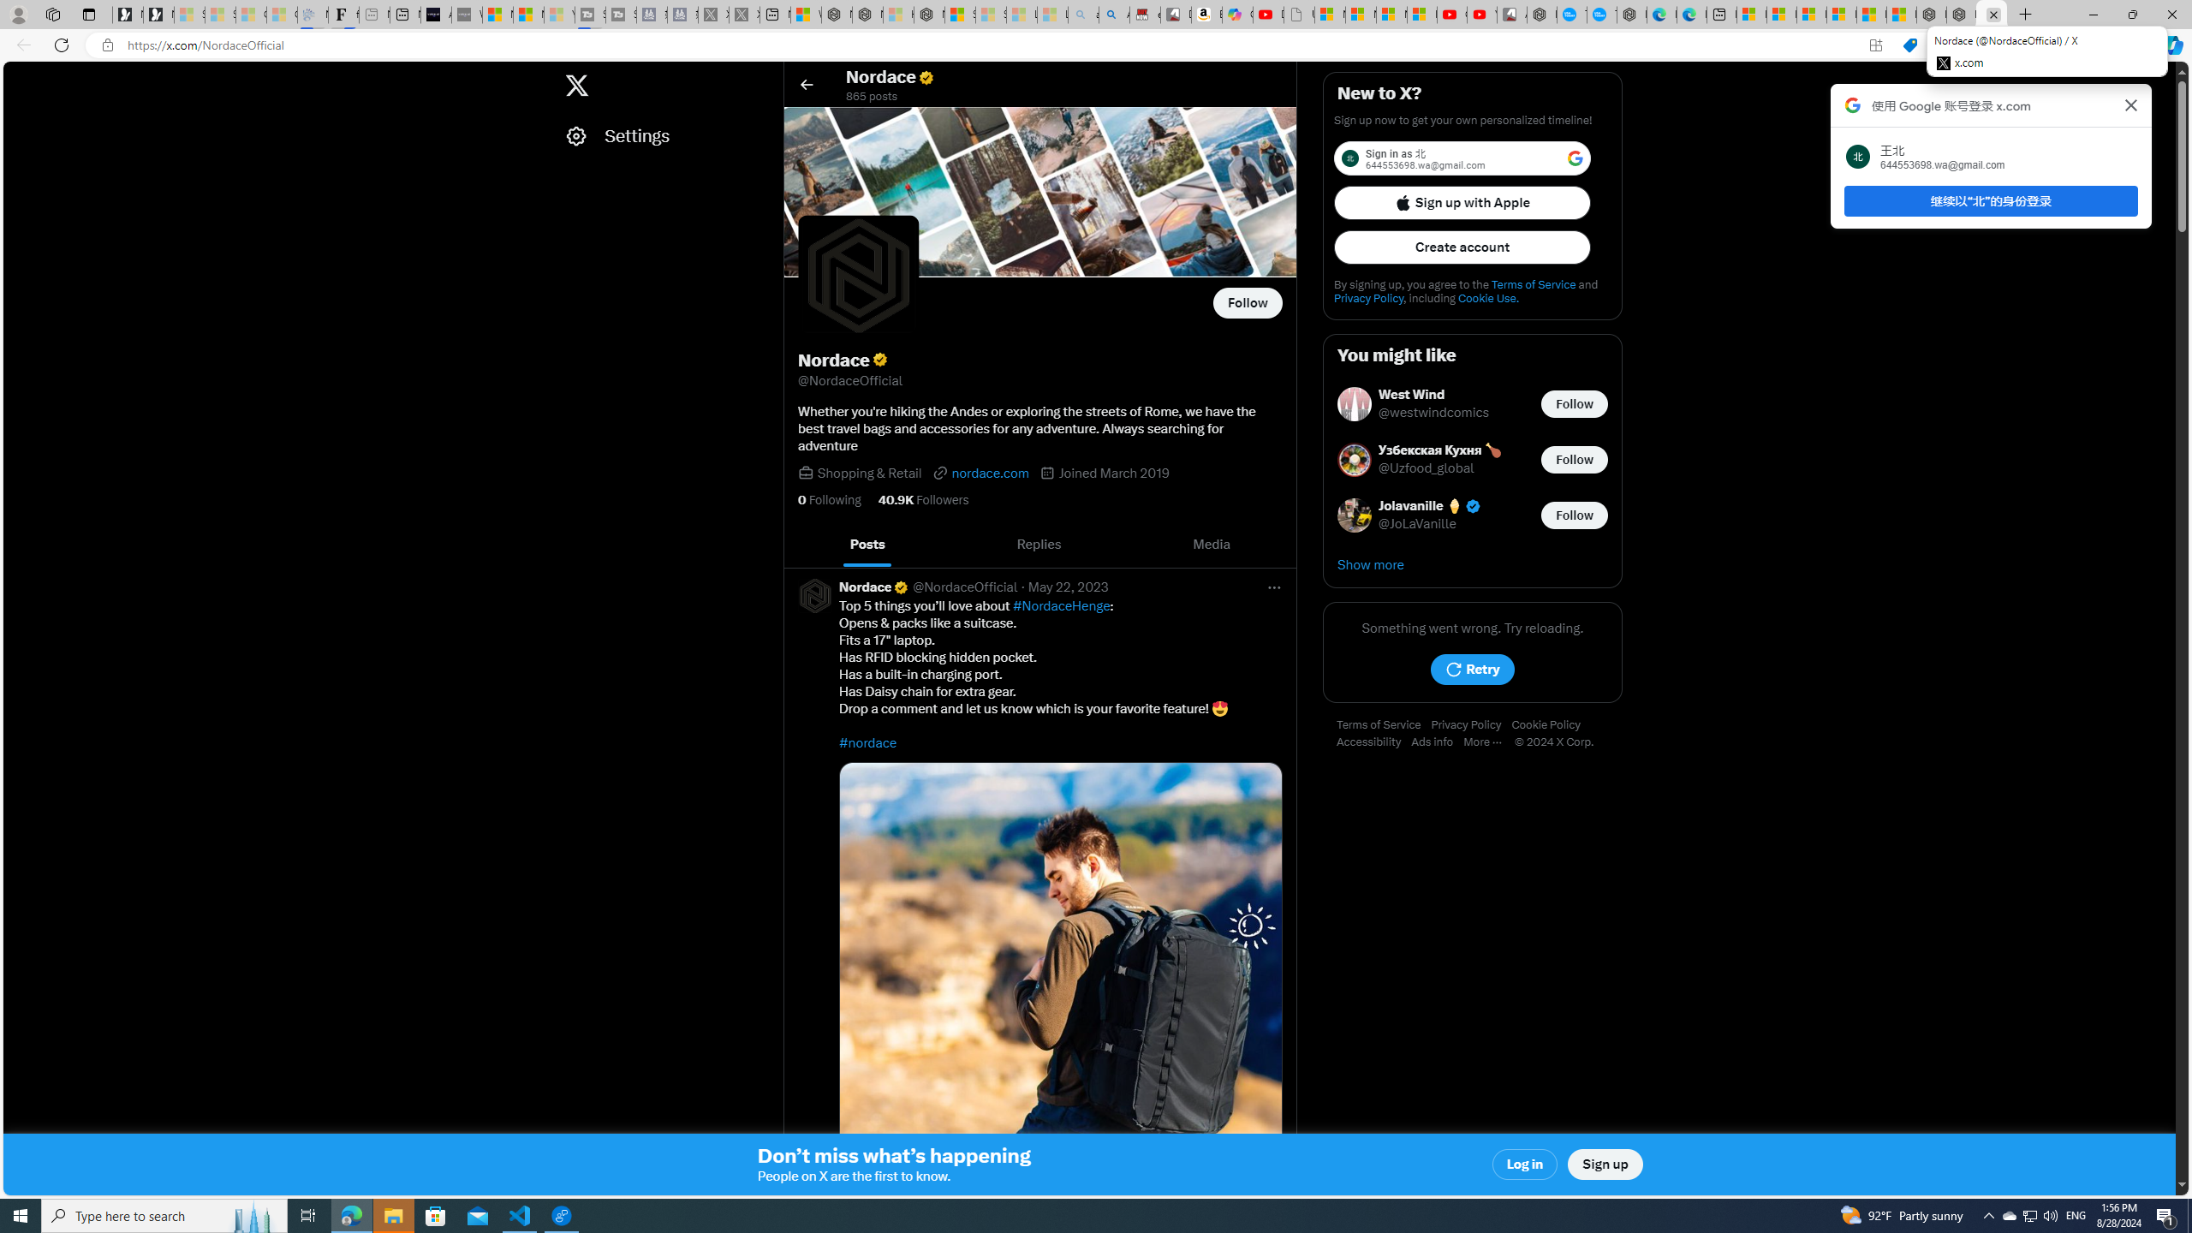 The image size is (2192, 1233). Describe the element at coordinates (1574, 403) in the screenshot. I see `'Follow @westwindcomics'` at that location.